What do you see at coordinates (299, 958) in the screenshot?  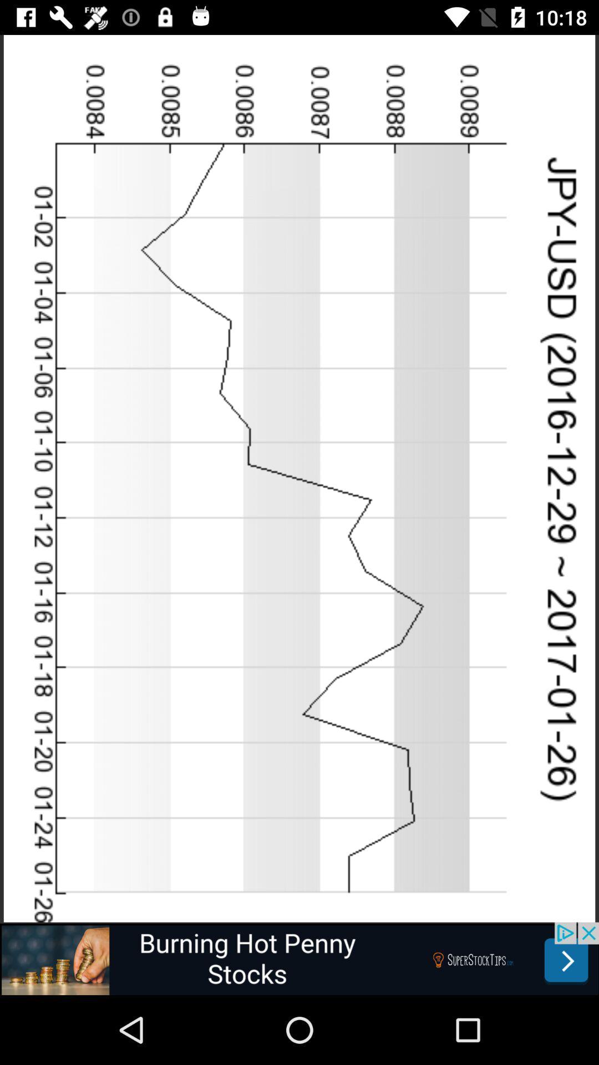 I see `announcement` at bounding box center [299, 958].